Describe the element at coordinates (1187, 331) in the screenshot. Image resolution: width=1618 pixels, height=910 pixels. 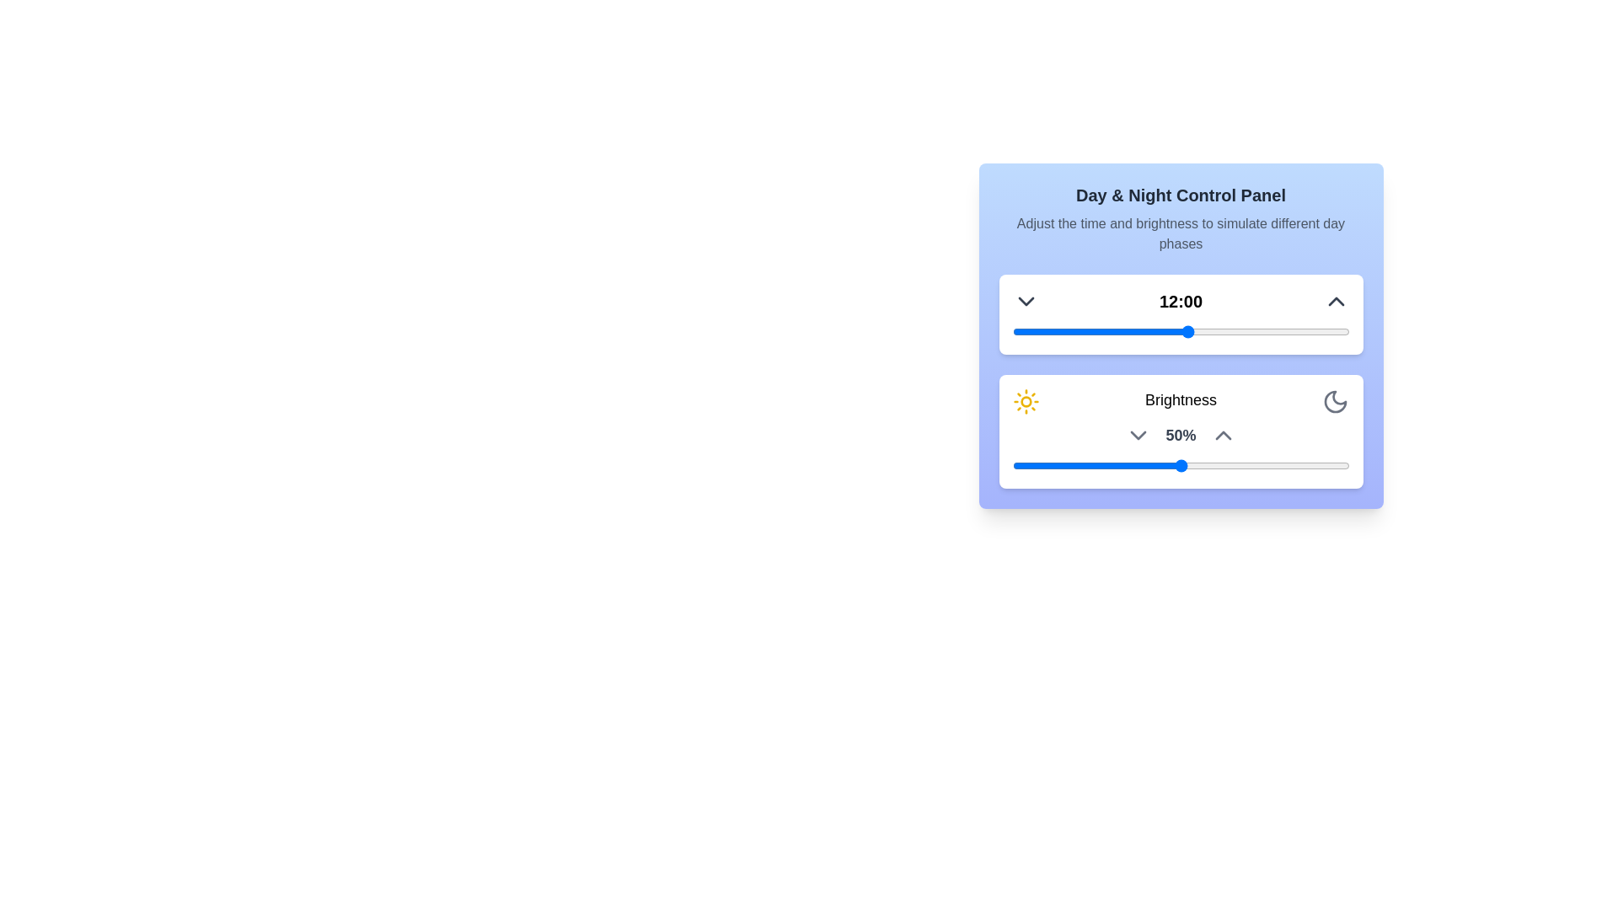
I see `the time` at that location.